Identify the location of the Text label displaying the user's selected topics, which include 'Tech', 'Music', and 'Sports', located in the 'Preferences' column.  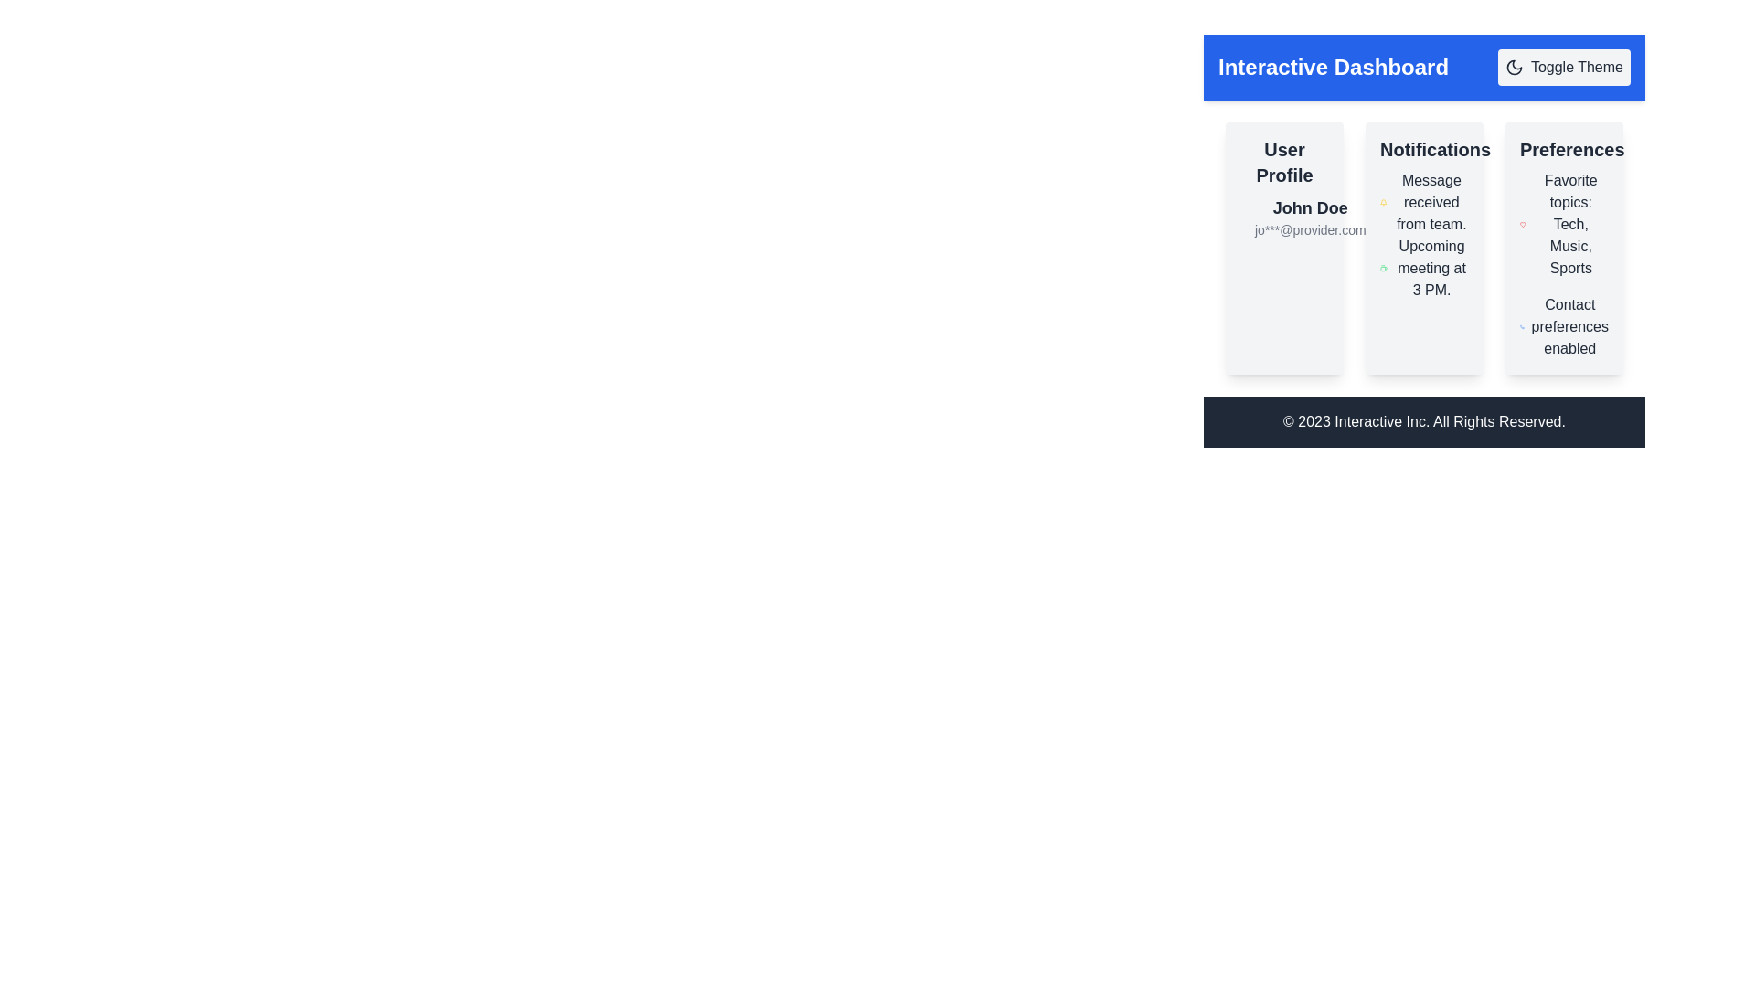
(1563, 224).